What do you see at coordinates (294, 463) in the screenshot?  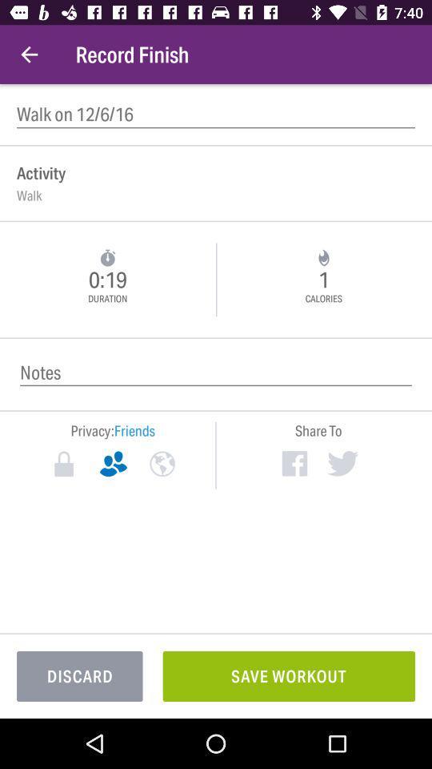 I see `the facebook icon` at bounding box center [294, 463].